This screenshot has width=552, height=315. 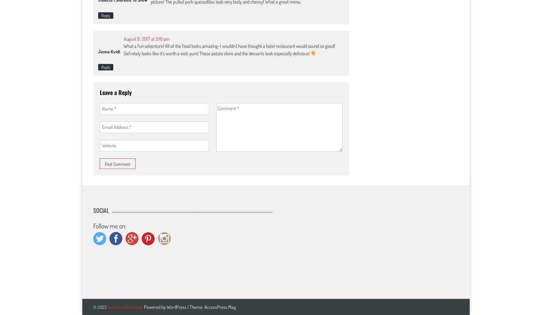 I want to click on 'Karlaroundtheworld', so click(x=124, y=306).